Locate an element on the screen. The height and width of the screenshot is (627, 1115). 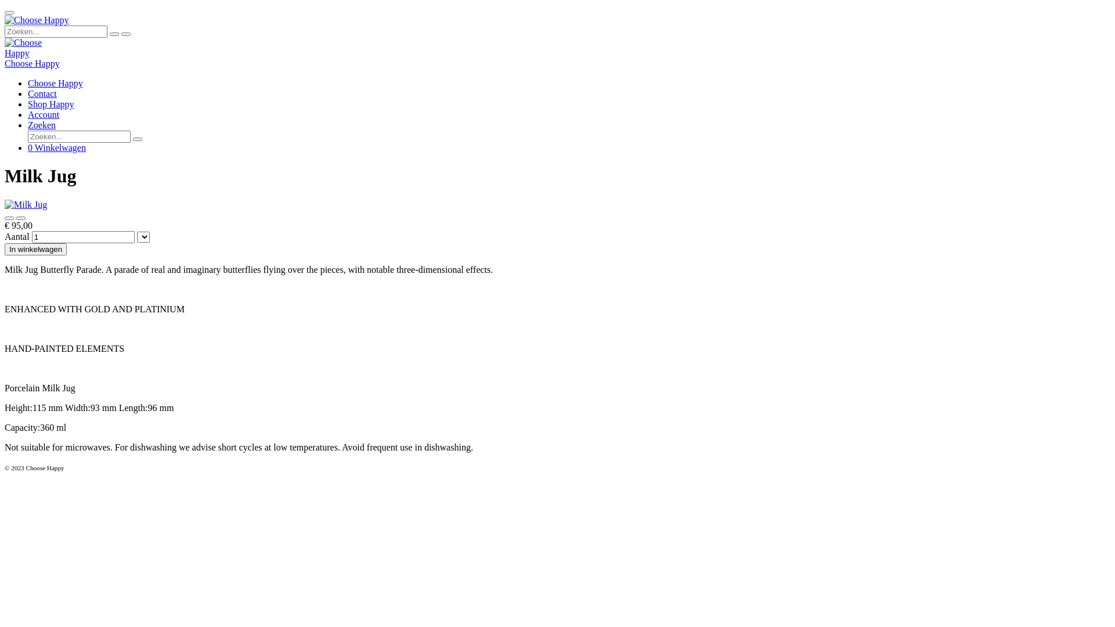
'Contact' is located at coordinates (42, 93).